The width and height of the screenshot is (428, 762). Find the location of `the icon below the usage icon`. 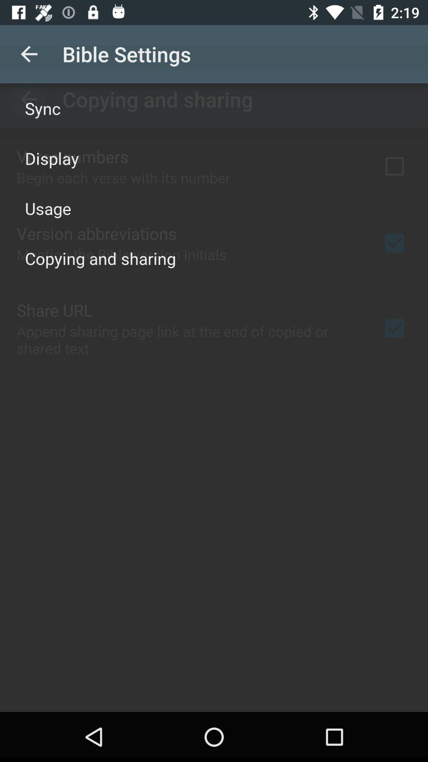

the icon below the usage icon is located at coordinates (100, 258).